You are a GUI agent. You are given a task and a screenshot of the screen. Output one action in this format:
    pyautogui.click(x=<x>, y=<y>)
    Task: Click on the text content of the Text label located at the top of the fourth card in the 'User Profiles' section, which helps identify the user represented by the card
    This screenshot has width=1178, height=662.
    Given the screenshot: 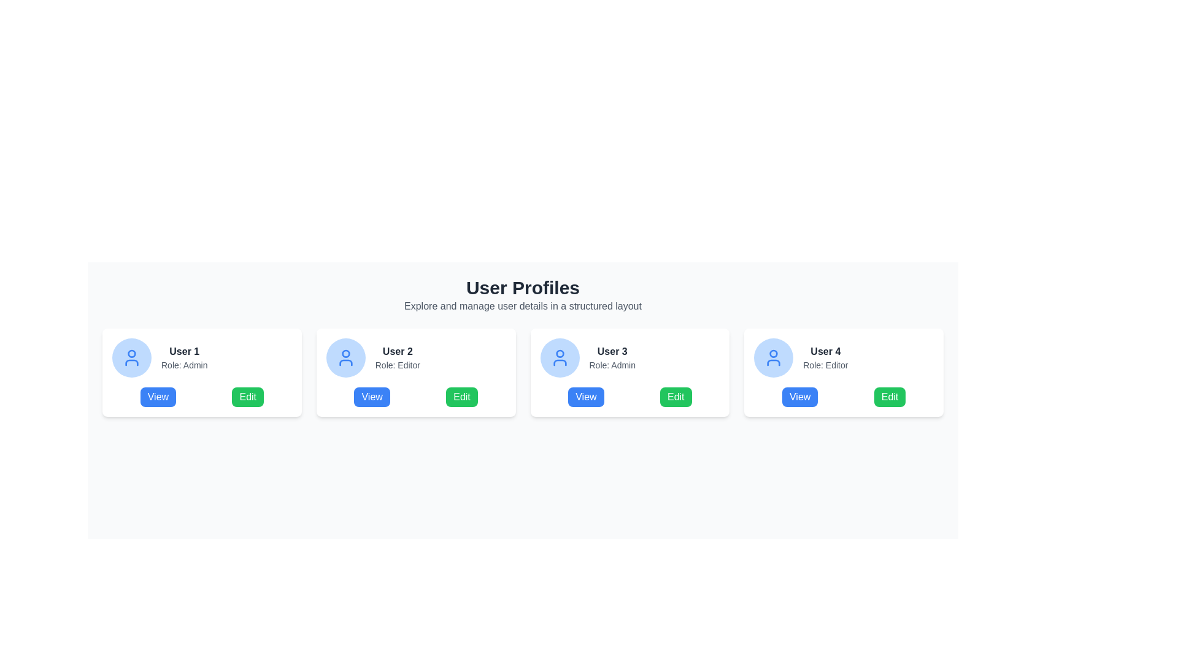 What is the action you would take?
    pyautogui.click(x=825, y=352)
    